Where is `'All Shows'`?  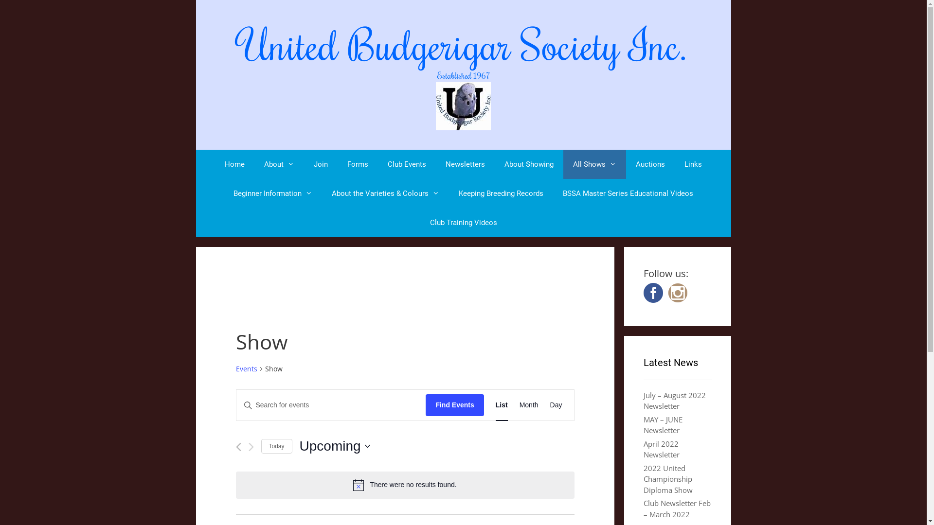
'All Shows' is located at coordinates (594, 164).